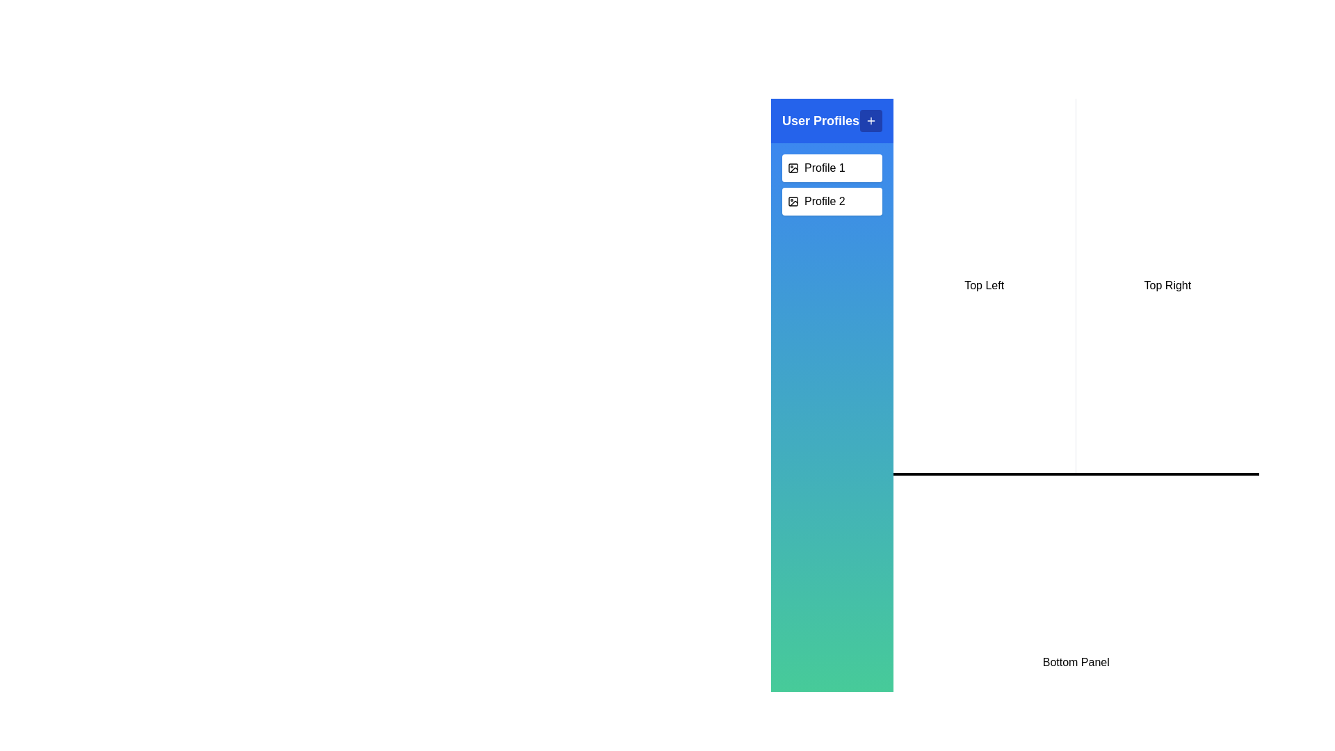 The height and width of the screenshot is (751, 1335). I want to click on the rounded rectangle graphical canvas located in the top-left position of the photo icon next to 'Profile 1', so click(793, 168).